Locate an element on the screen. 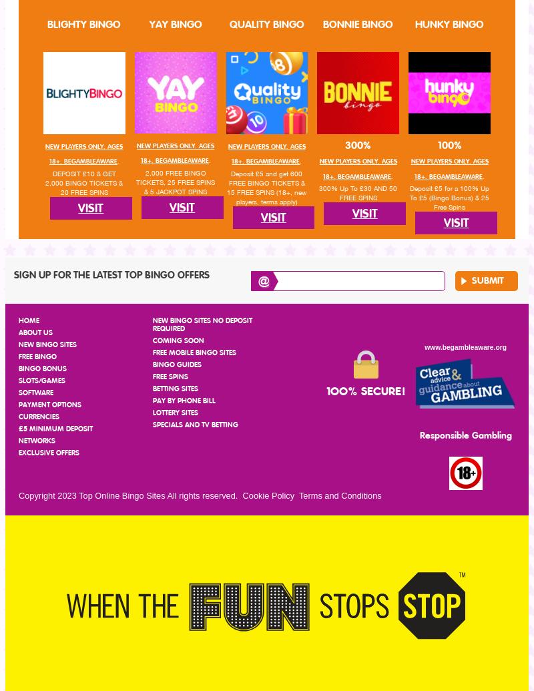 Image resolution: width=534 pixels, height=691 pixels. '2,000 FREE BINGO TICKETS, 25 FREE SPINS & 5 JACKPOT SPINS' is located at coordinates (174, 181).